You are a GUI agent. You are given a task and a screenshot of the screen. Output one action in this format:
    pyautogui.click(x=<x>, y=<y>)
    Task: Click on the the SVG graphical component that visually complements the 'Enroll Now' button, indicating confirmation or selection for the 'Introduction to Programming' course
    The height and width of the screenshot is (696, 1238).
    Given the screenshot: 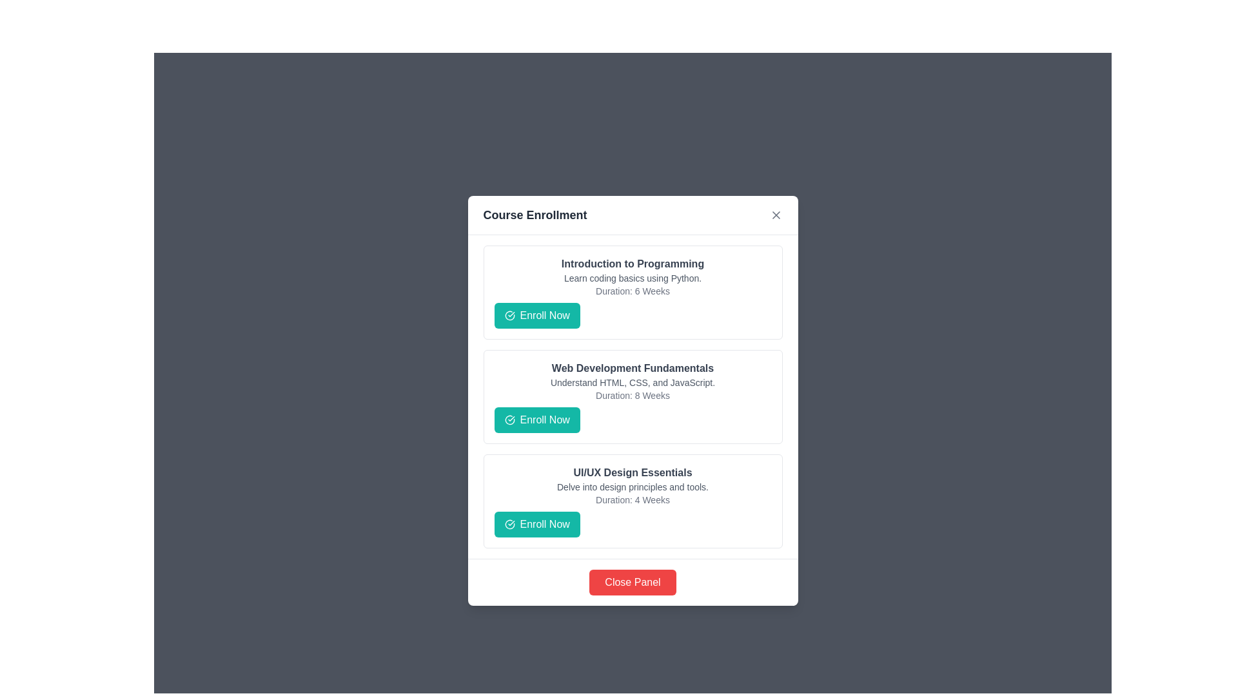 What is the action you would take?
    pyautogui.click(x=509, y=315)
    